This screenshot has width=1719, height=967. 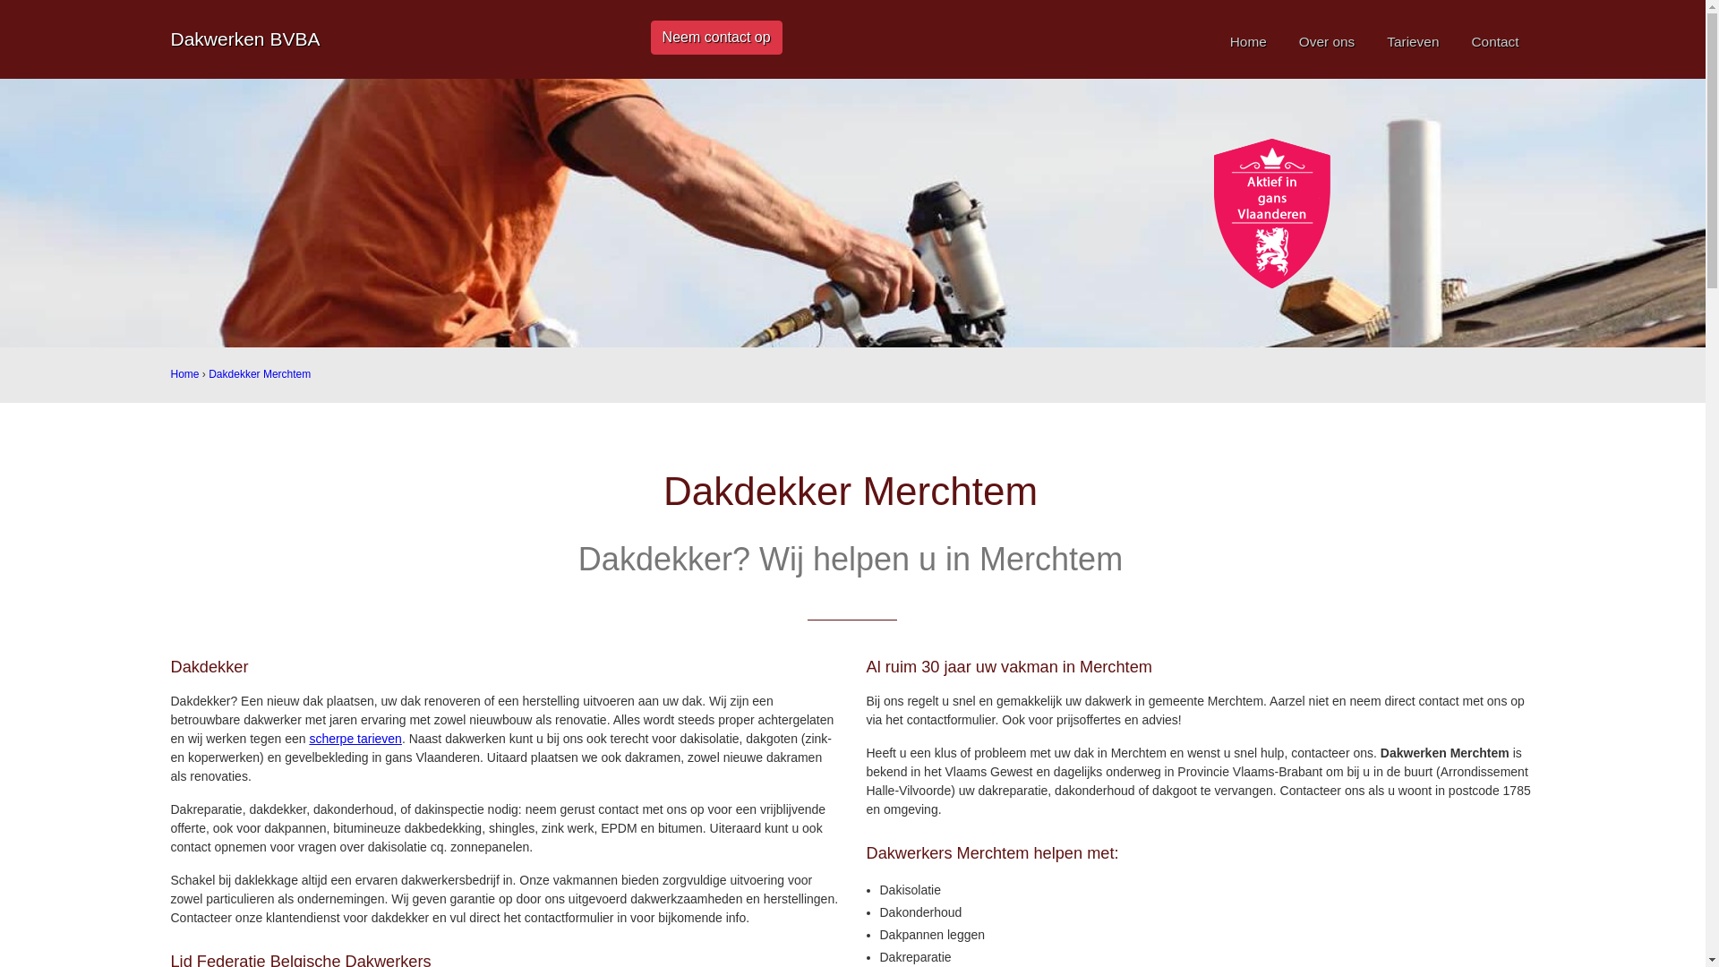 What do you see at coordinates (355, 739) in the screenshot?
I see `'scherpe tarieven'` at bounding box center [355, 739].